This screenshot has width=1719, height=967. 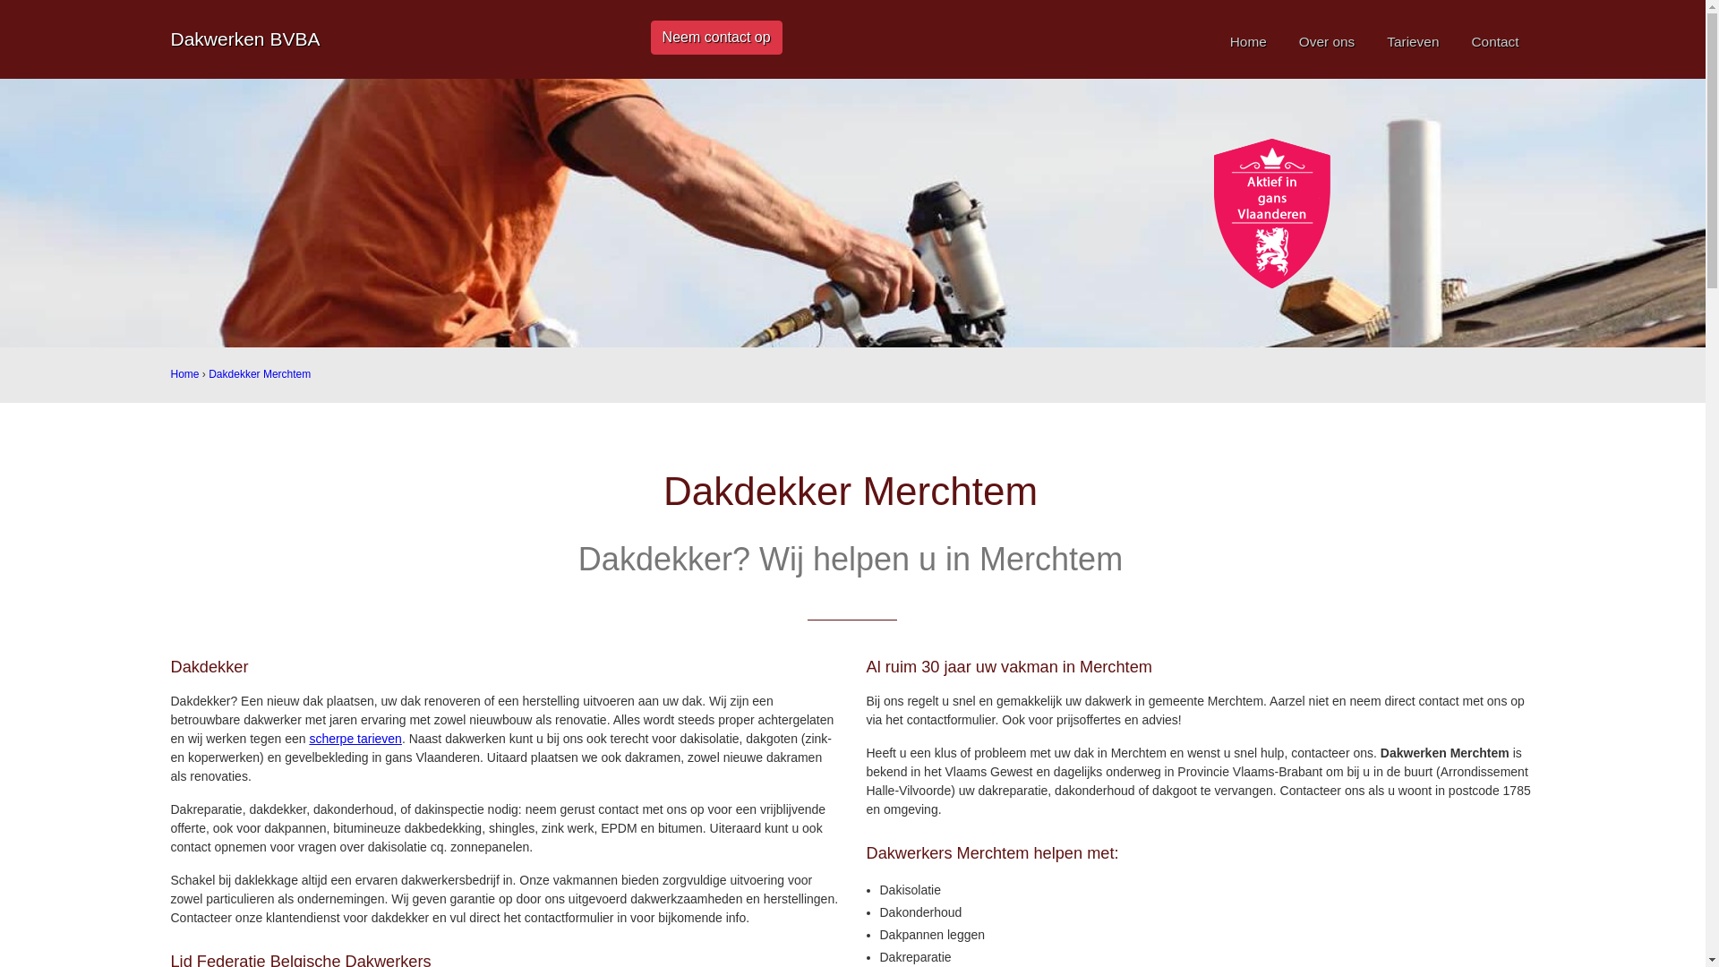 What do you see at coordinates (355, 739) in the screenshot?
I see `'scherpe tarieven'` at bounding box center [355, 739].